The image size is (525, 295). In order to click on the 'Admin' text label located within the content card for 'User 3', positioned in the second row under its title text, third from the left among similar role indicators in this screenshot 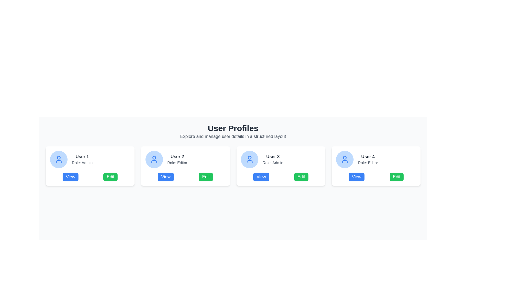, I will do `click(273, 163)`.